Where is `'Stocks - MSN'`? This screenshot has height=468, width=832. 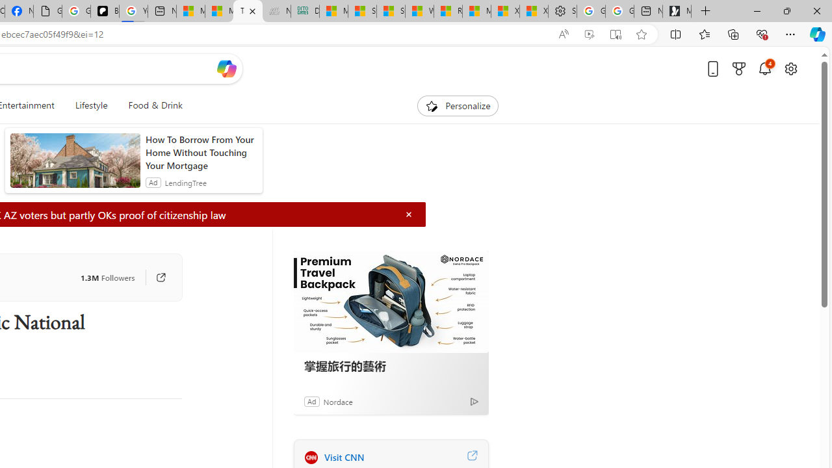 'Stocks - MSN' is located at coordinates (390, 11).